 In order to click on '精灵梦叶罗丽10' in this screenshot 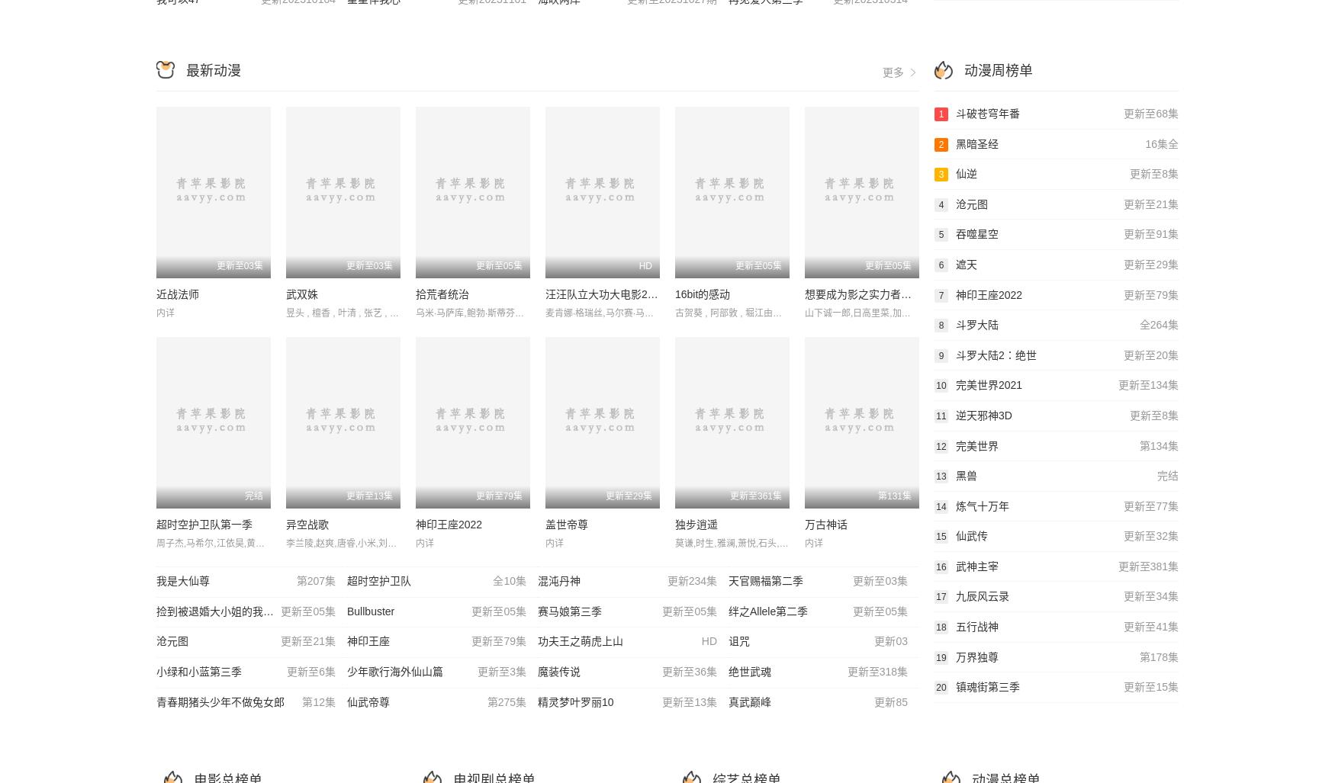, I will do `click(574, 701)`.